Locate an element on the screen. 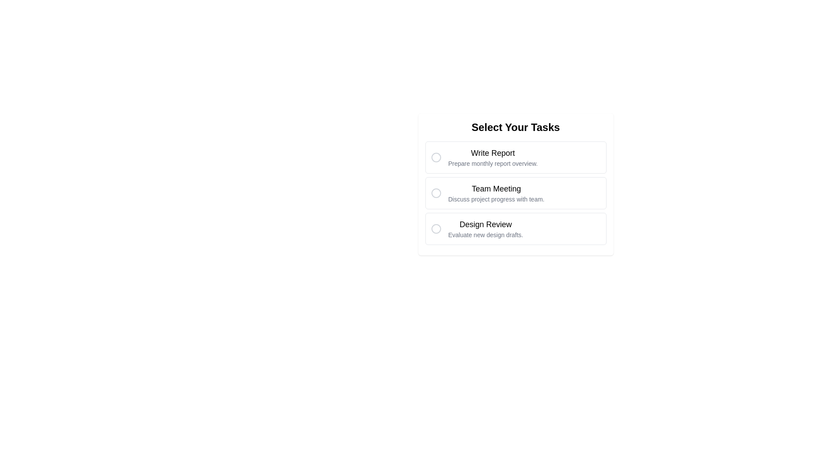  the circular SVG graphic representing the radio button for the 'Design Review' task, which is light gray with a radius of 10 units is located at coordinates (436, 228).